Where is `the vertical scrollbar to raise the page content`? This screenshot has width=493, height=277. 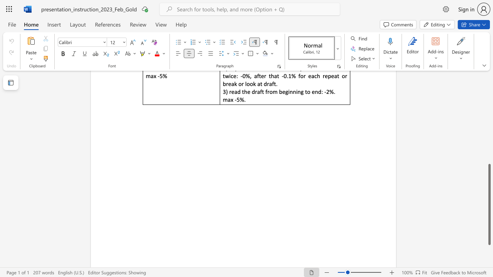 the vertical scrollbar to raise the page content is located at coordinates (489, 130).